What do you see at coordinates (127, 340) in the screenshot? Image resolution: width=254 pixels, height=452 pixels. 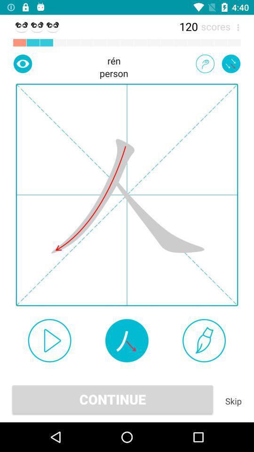 I see `moves element on screen` at bounding box center [127, 340].